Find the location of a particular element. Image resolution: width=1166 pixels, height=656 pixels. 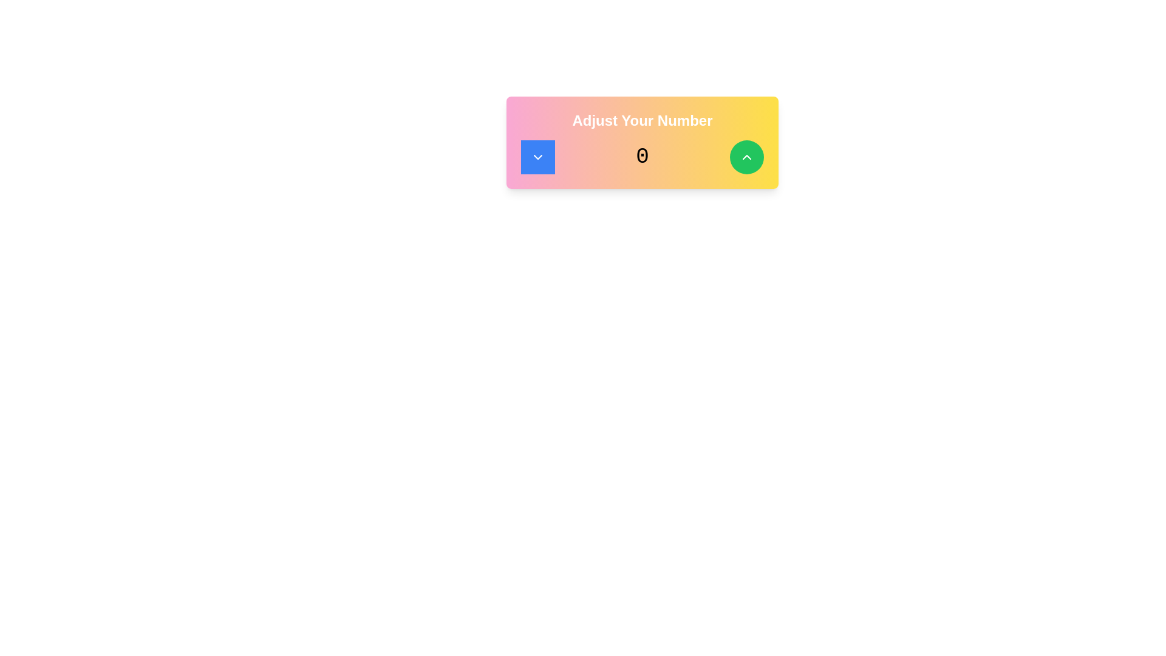

the static text element displaying a numerical value, positioned between two round buttons is located at coordinates (641, 156).